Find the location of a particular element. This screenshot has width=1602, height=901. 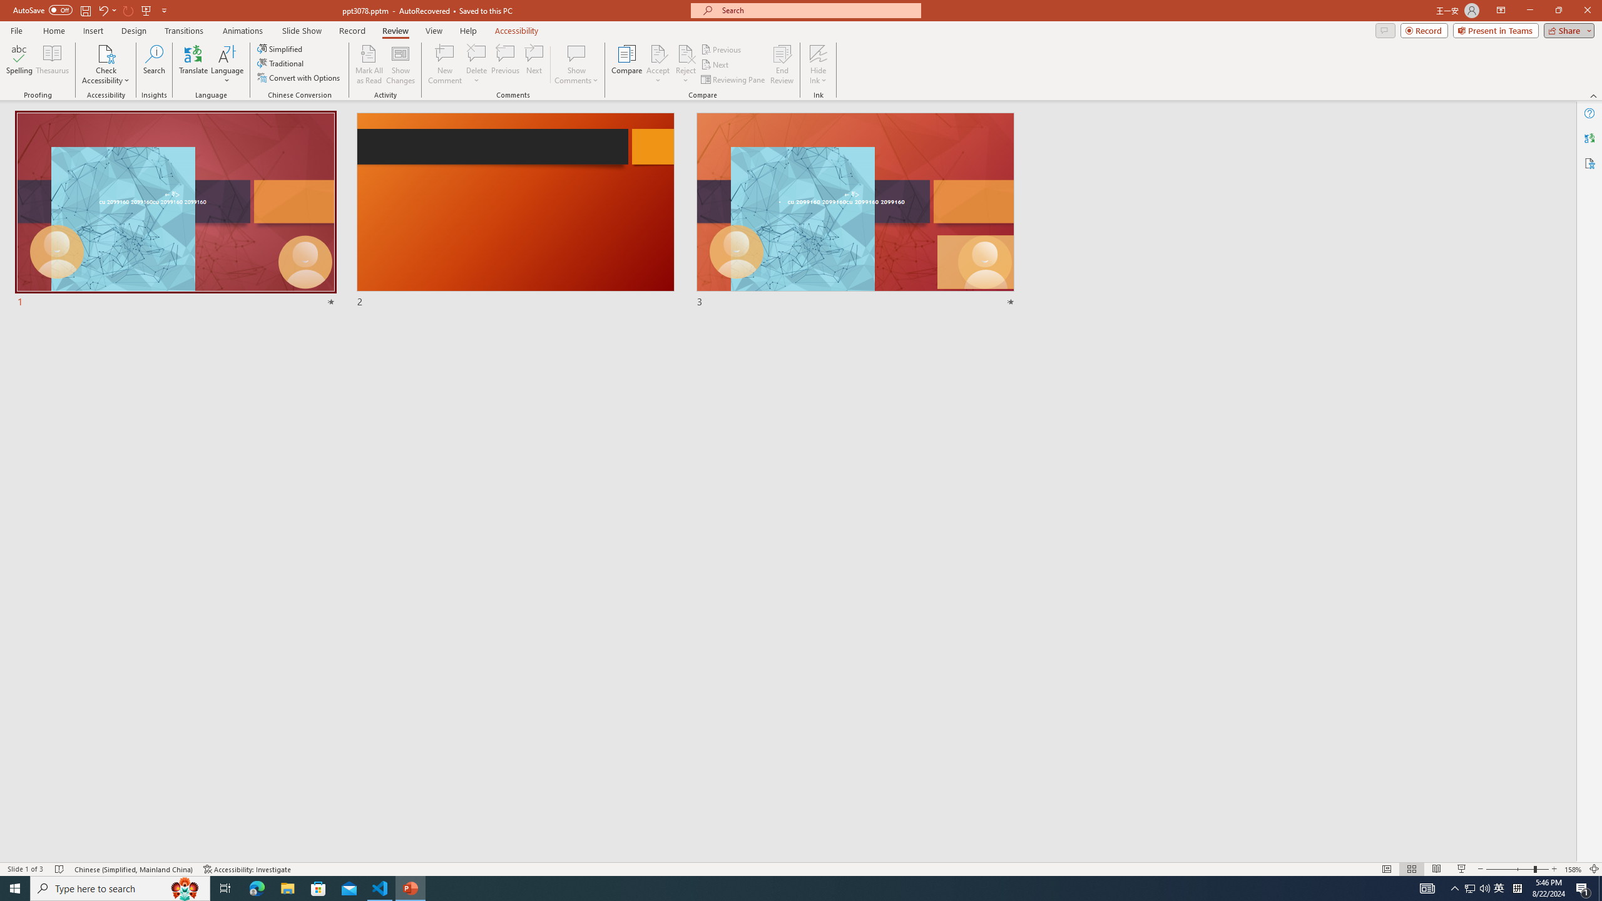

'Zoom 158%' is located at coordinates (1574, 869).